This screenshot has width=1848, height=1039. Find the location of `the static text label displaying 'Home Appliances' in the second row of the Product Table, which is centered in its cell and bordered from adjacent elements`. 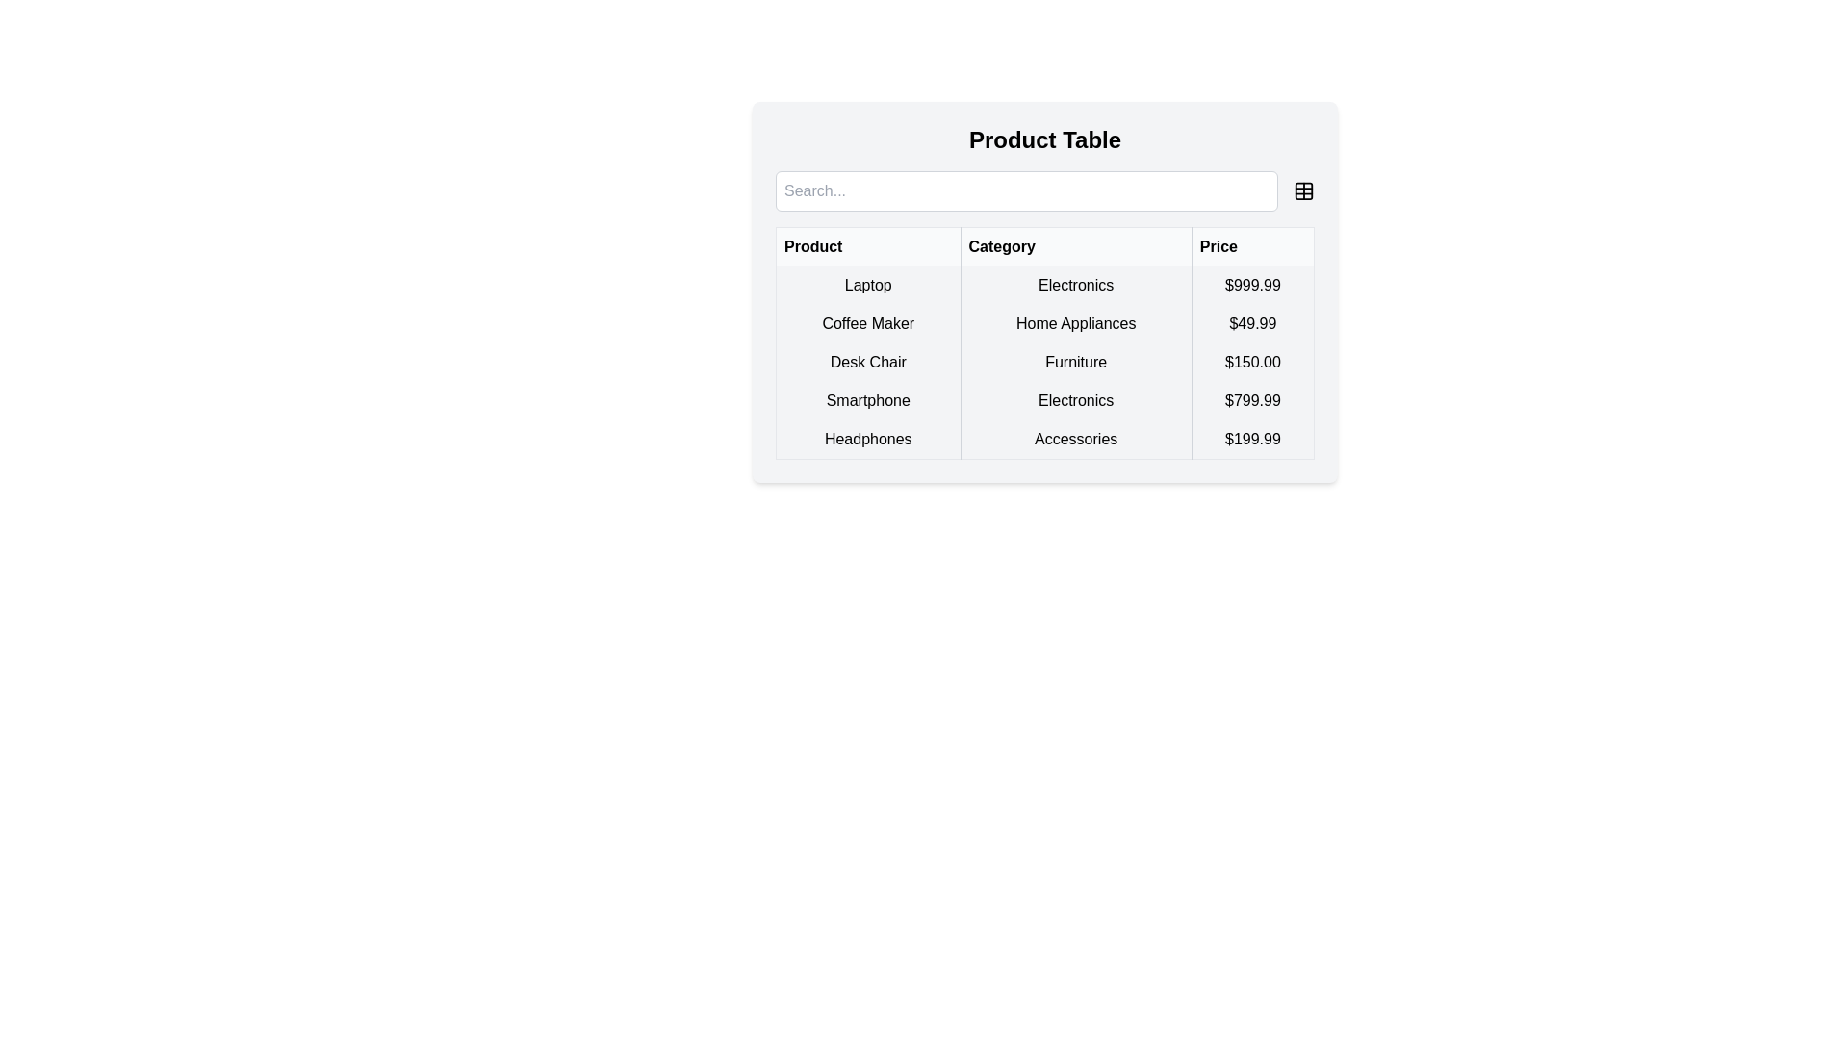

the static text label displaying 'Home Appliances' in the second row of the Product Table, which is centered in its cell and bordered from adjacent elements is located at coordinates (1075, 322).